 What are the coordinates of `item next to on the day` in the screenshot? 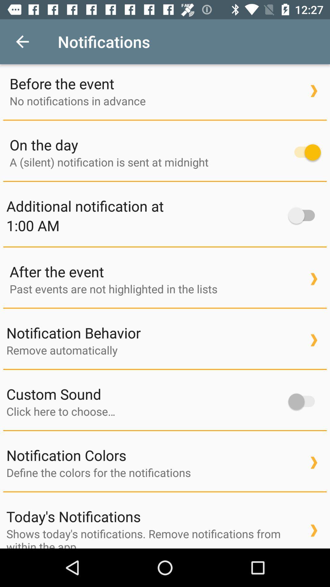 It's located at (304, 152).